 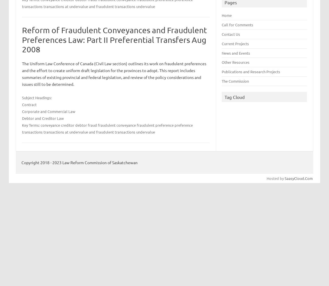 What do you see at coordinates (235, 81) in the screenshot?
I see `'The Commission'` at bounding box center [235, 81].